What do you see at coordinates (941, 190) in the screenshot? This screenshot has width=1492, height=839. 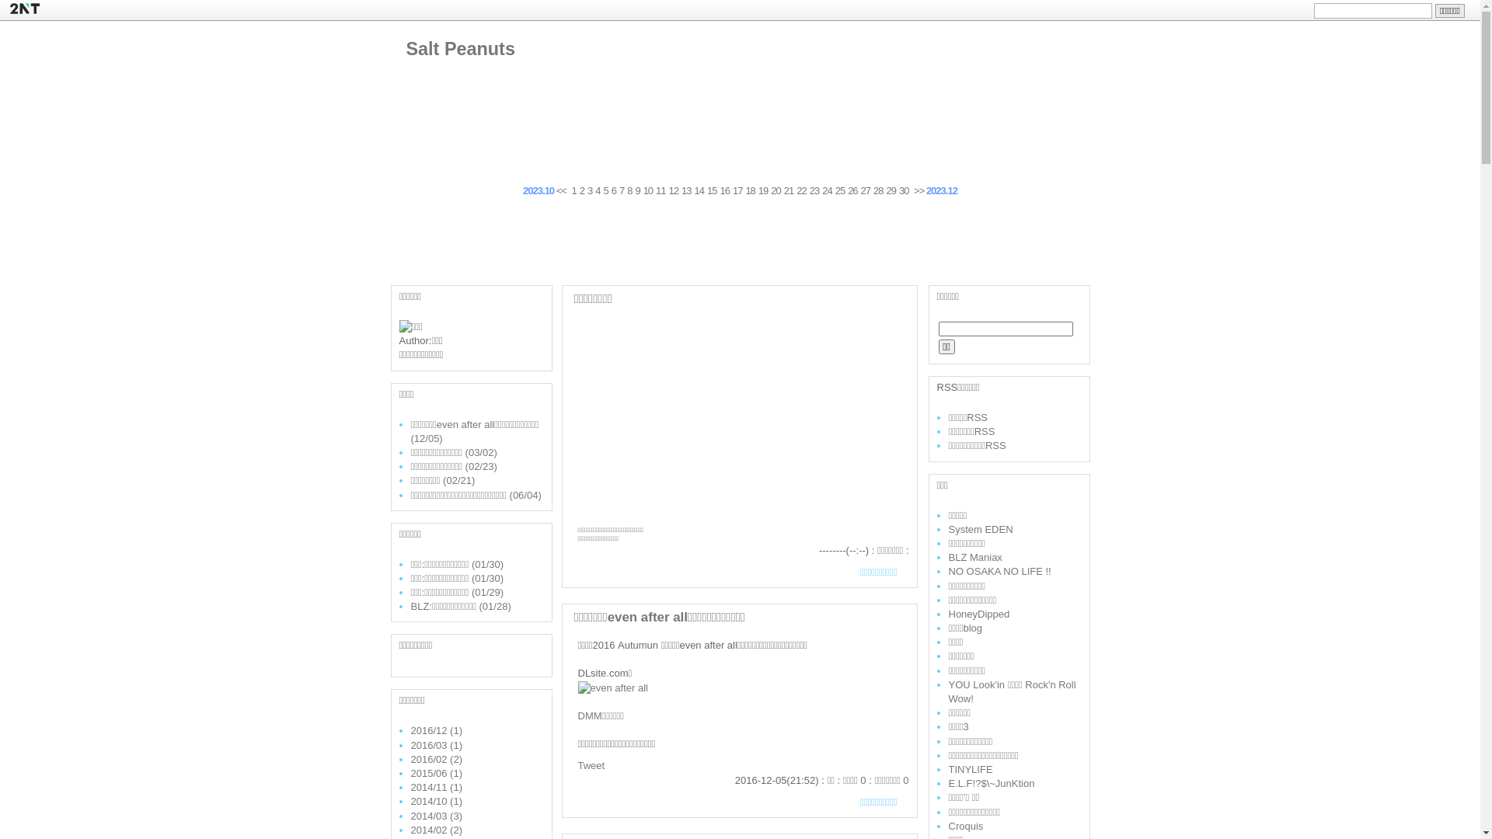 I see `'2023.12'` at bounding box center [941, 190].